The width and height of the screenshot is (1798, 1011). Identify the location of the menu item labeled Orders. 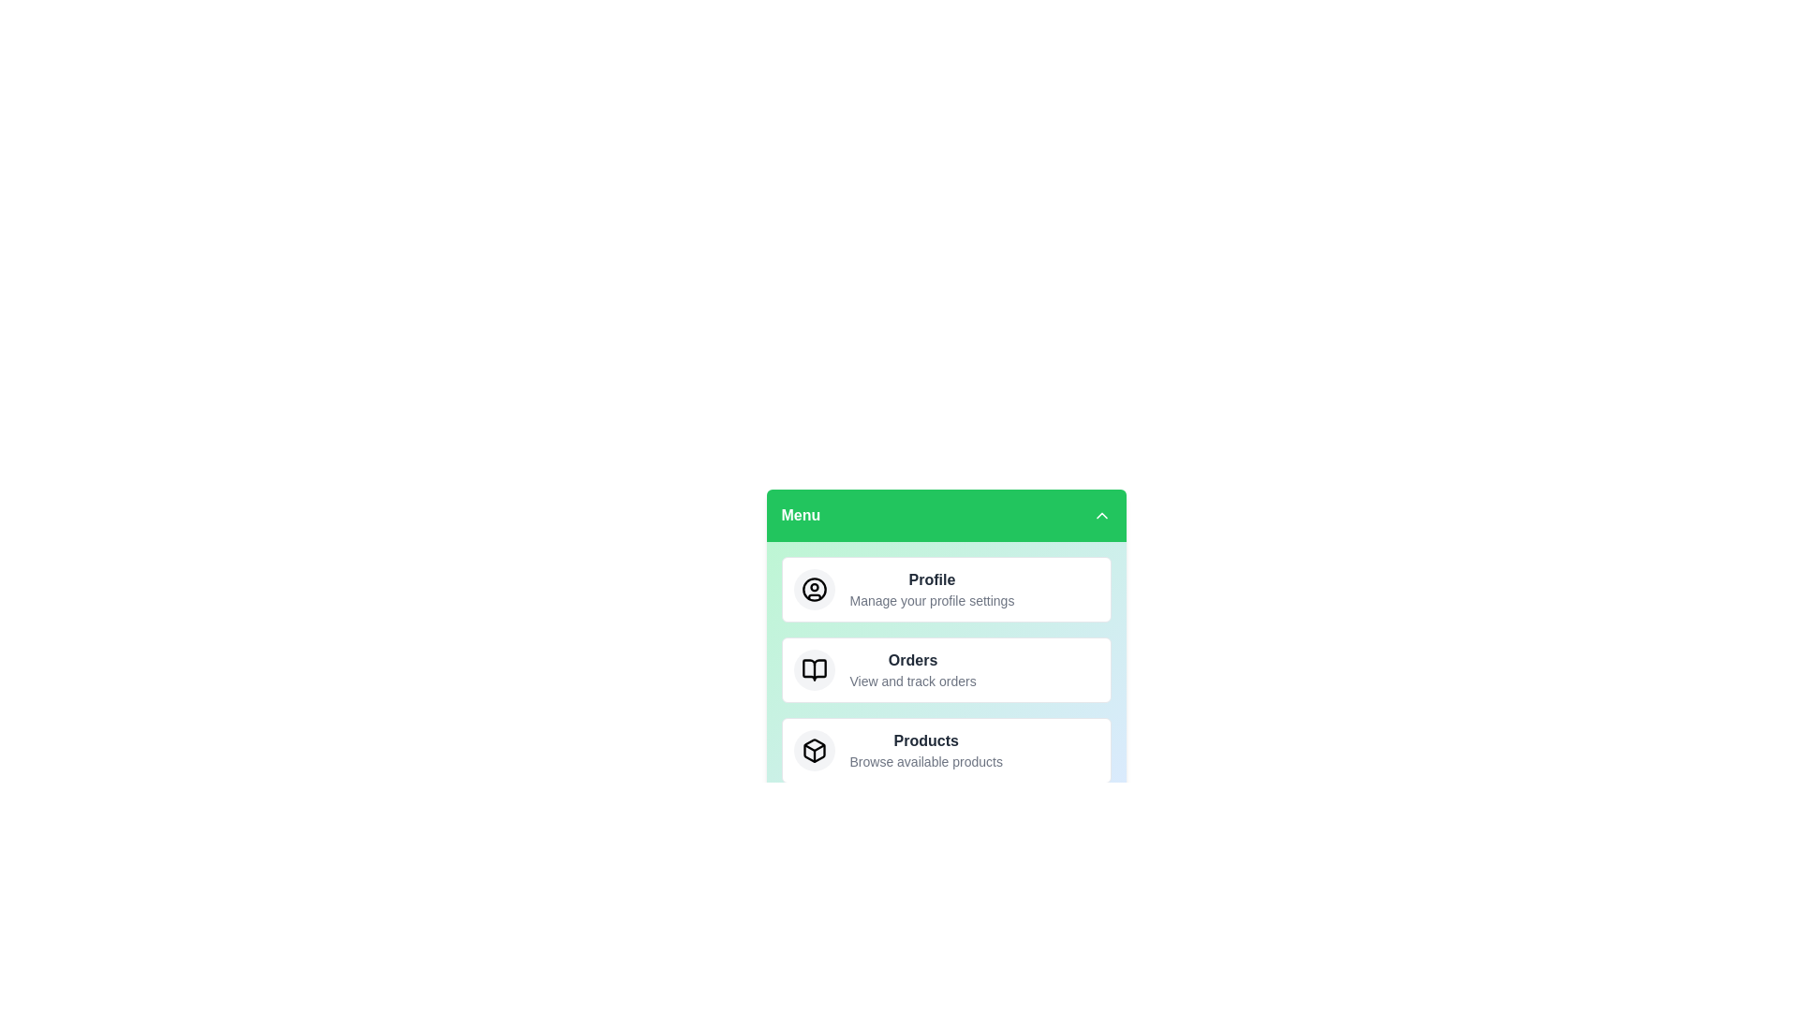
(946, 669).